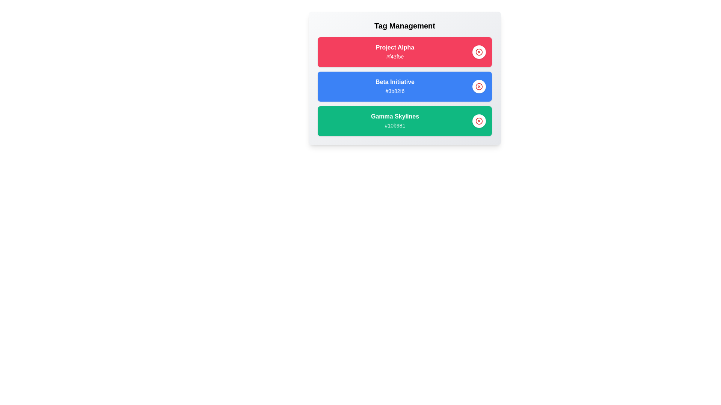  I want to click on delete button for the tag identified by Project Alpha, so click(479, 51).